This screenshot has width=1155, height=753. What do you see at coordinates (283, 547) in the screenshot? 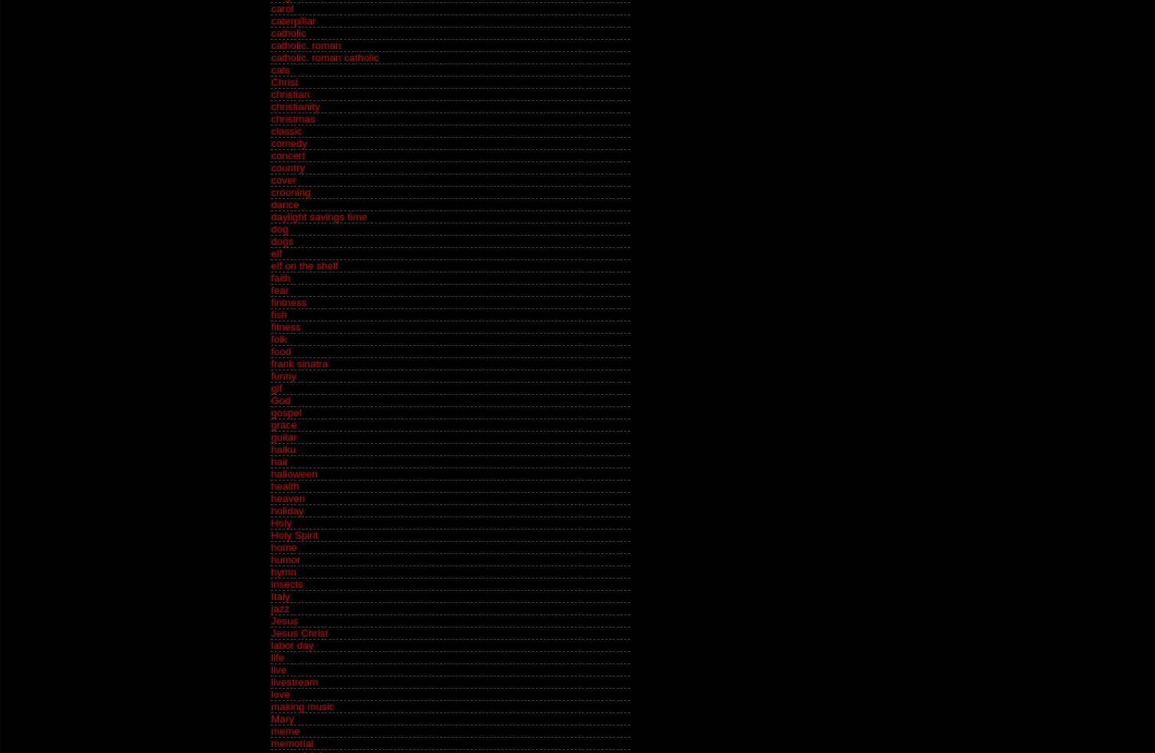
I see `'home'` at bounding box center [283, 547].